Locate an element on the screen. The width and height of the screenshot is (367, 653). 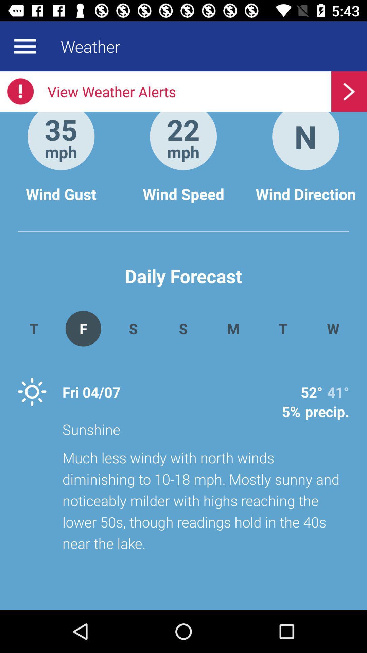
icon next to the t is located at coordinates (333, 328).